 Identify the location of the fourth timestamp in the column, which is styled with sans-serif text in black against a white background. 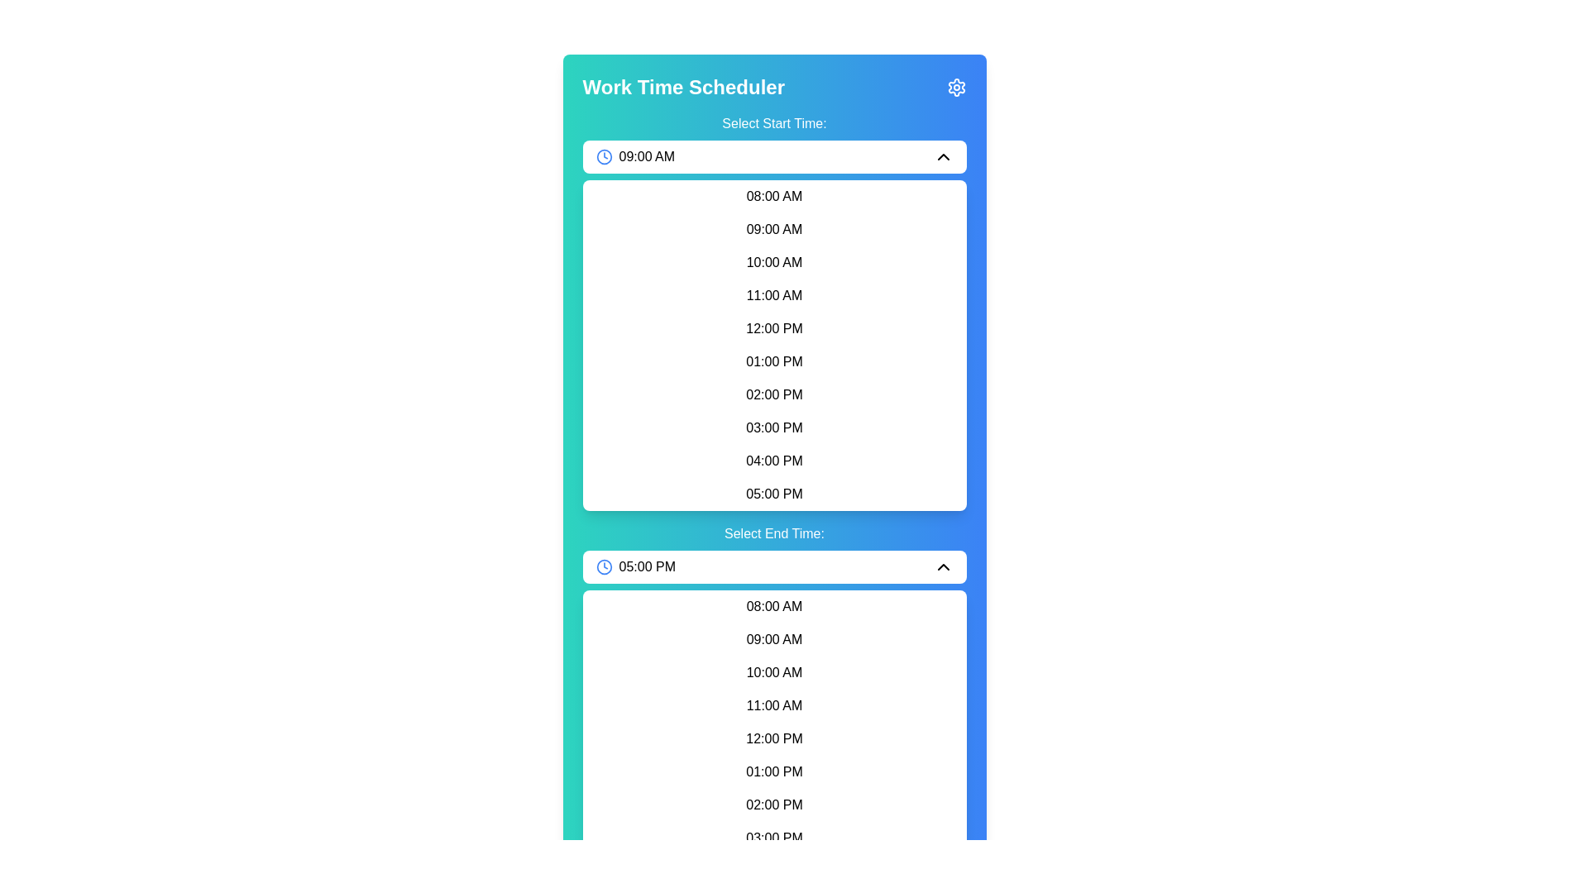
(773, 295).